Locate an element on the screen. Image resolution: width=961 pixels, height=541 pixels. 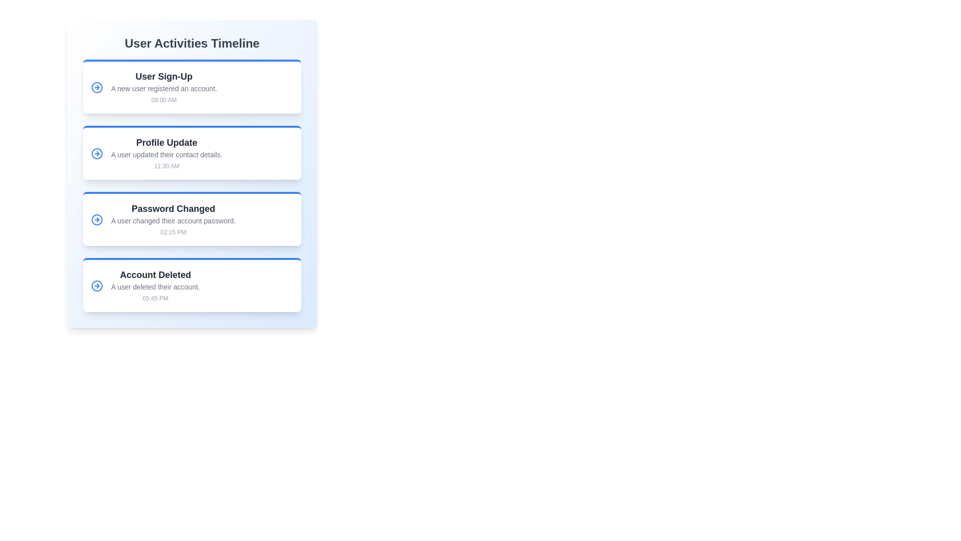
the circular icon that is part of the 'Password Changed' card, located within the larger 'circle arrow right' icon is located at coordinates (97, 219).